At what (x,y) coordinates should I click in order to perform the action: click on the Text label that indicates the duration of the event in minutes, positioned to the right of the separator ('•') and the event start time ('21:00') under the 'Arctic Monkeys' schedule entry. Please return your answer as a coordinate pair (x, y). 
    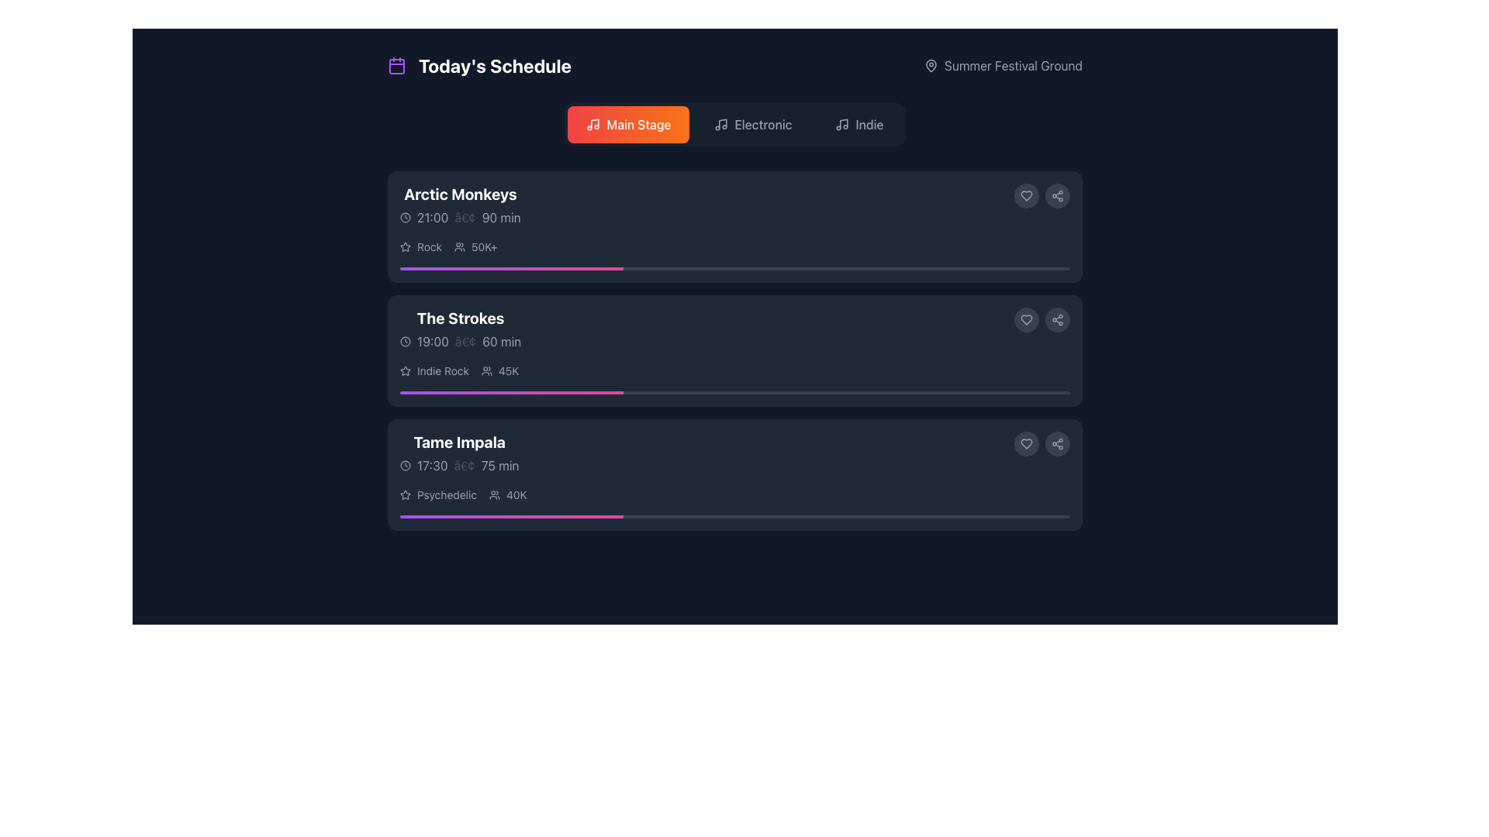
    Looking at the image, I should click on (501, 218).